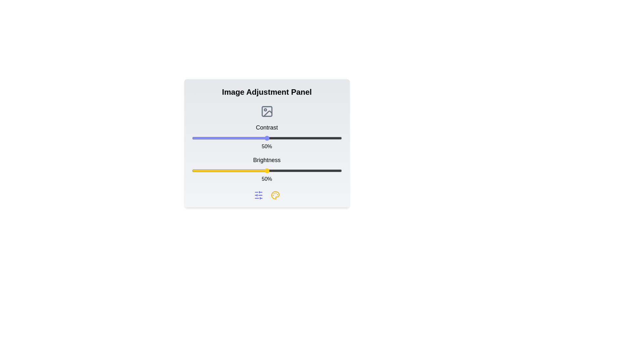 Image resolution: width=620 pixels, height=348 pixels. I want to click on the palette icon, so click(275, 195).